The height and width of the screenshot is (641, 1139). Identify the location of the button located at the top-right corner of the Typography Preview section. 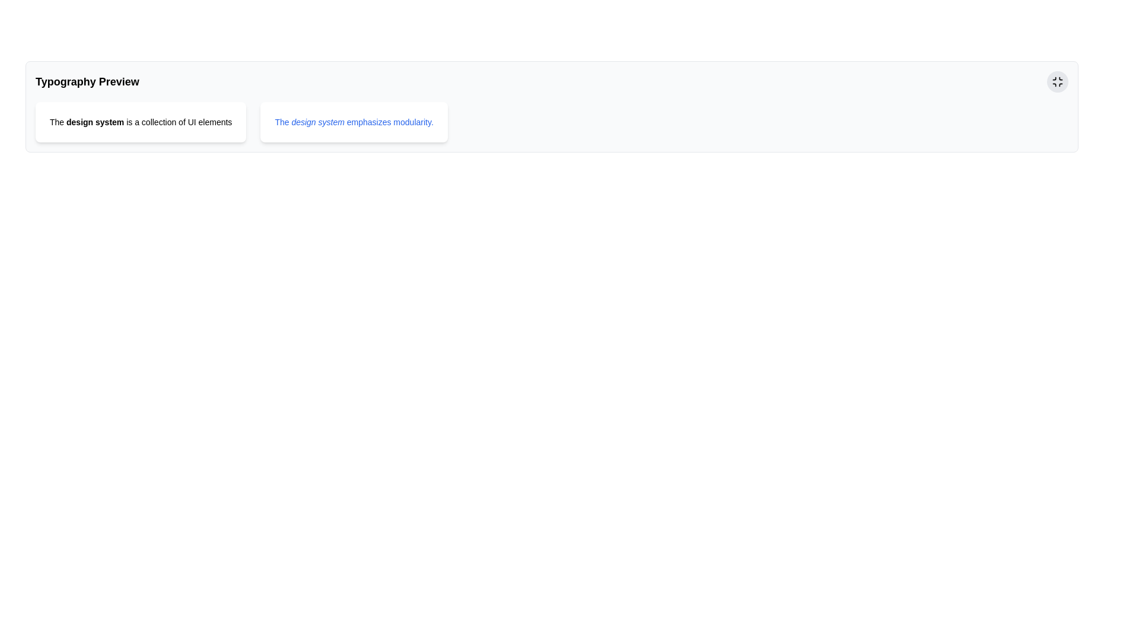
(1057, 81).